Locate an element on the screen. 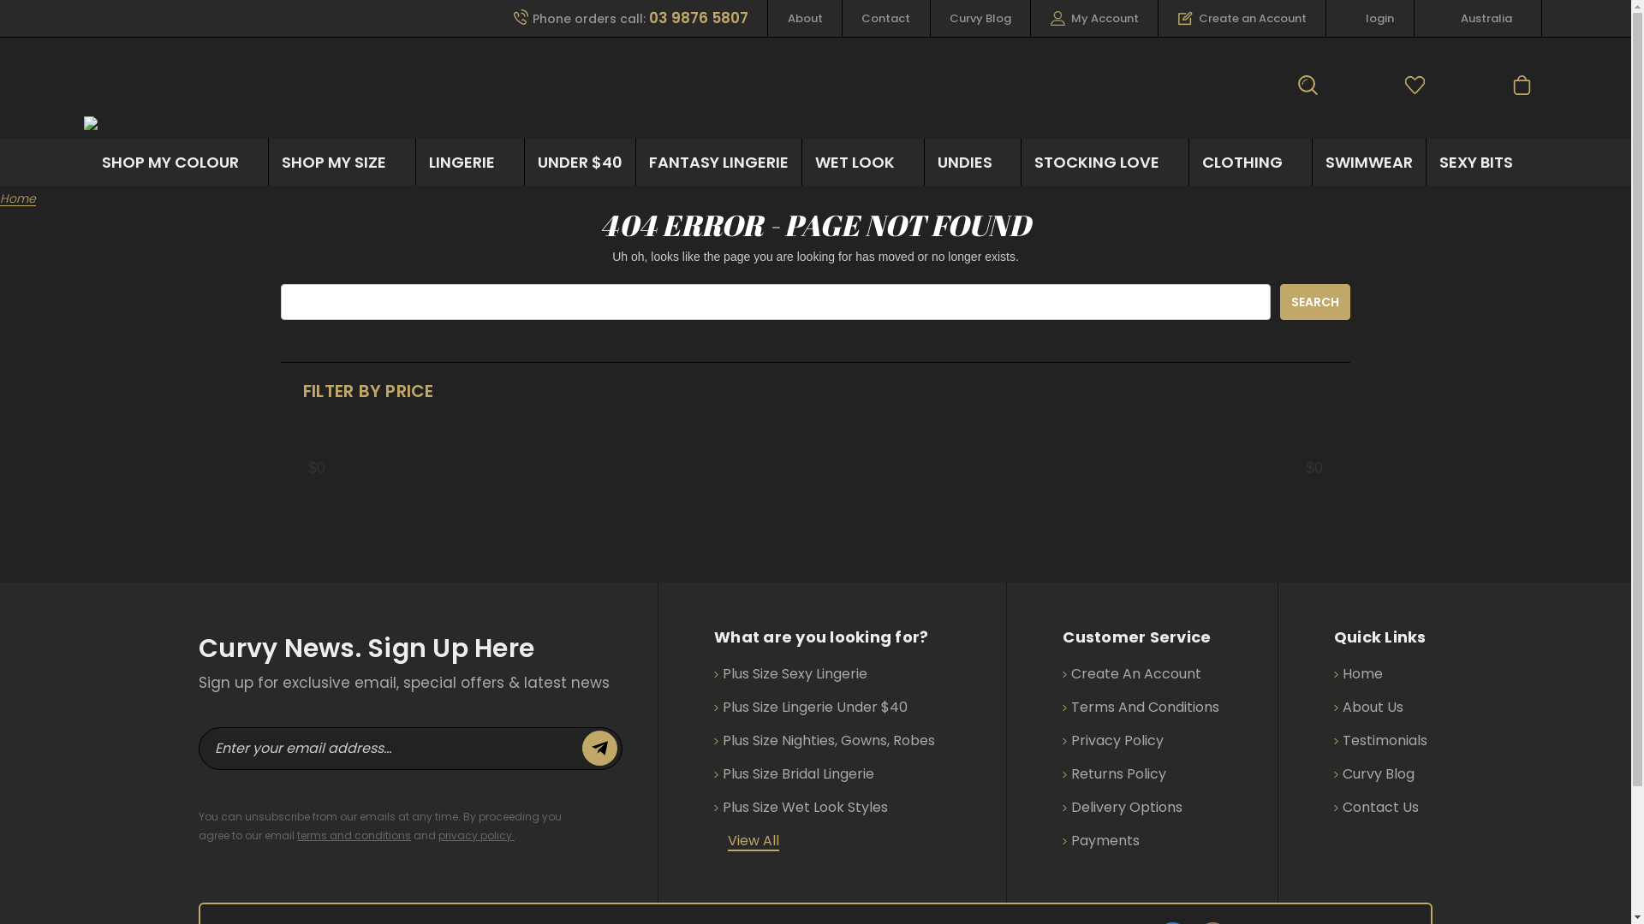 The height and width of the screenshot is (924, 1644). 'View All' is located at coordinates (753, 840).